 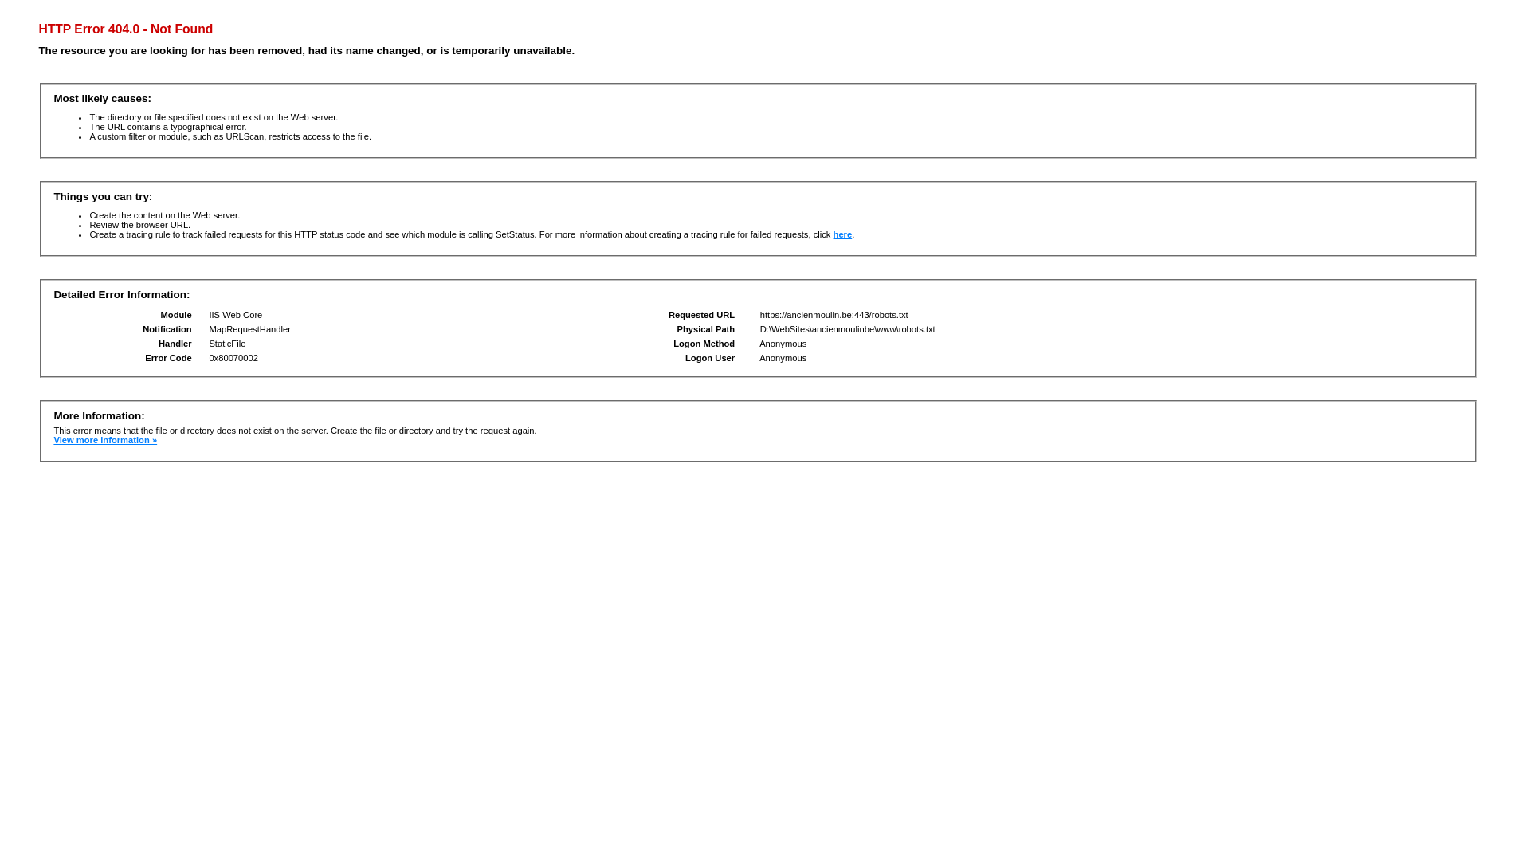 What do you see at coordinates (841, 234) in the screenshot?
I see `'here'` at bounding box center [841, 234].